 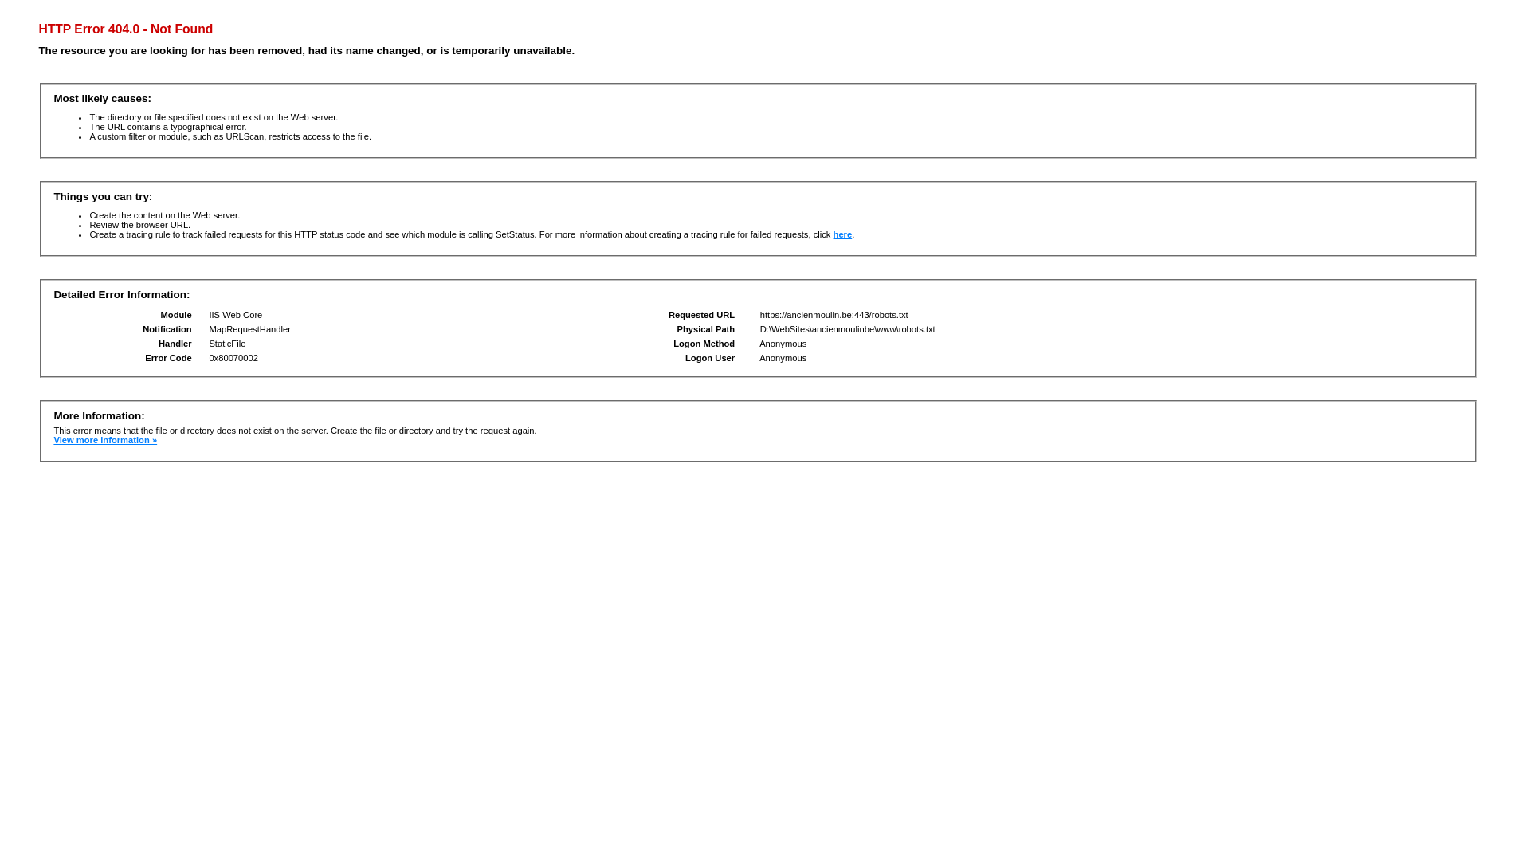 What do you see at coordinates (841, 234) in the screenshot?
I see `'here'` at bounding box center [841, 234].